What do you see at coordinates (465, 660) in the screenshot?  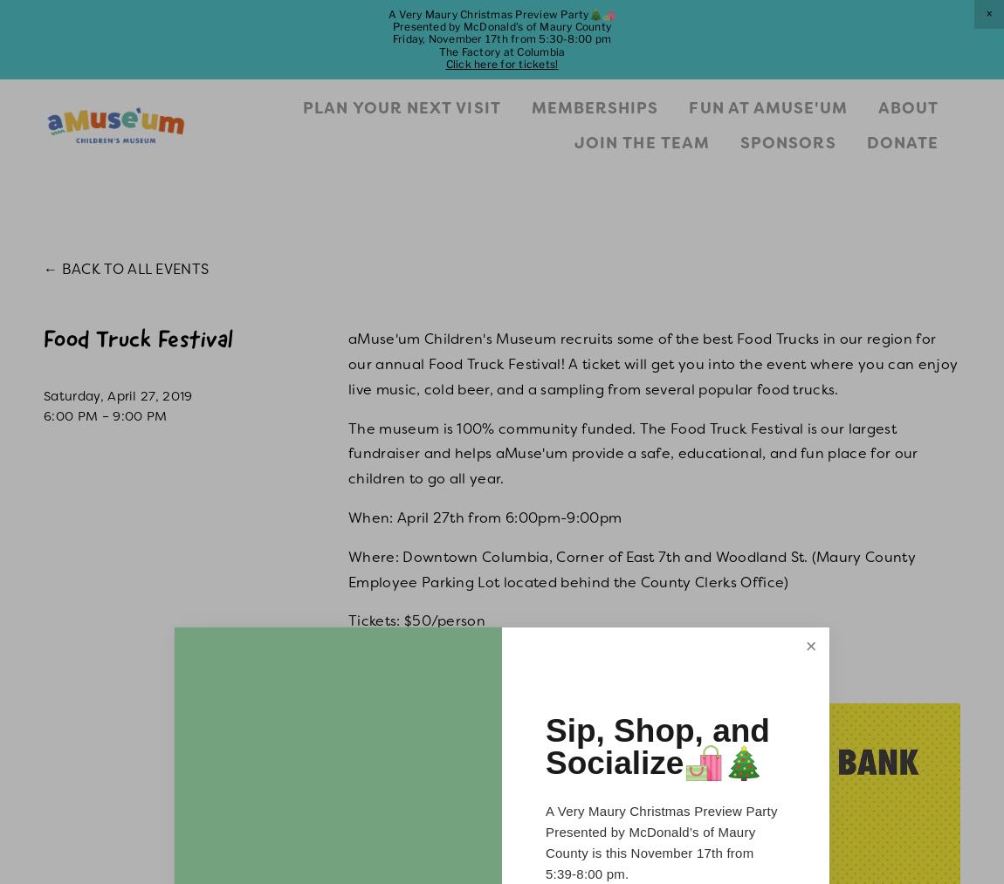 I see `'Ticket sales will open March 25th!'` at bounding box center [465, 660].